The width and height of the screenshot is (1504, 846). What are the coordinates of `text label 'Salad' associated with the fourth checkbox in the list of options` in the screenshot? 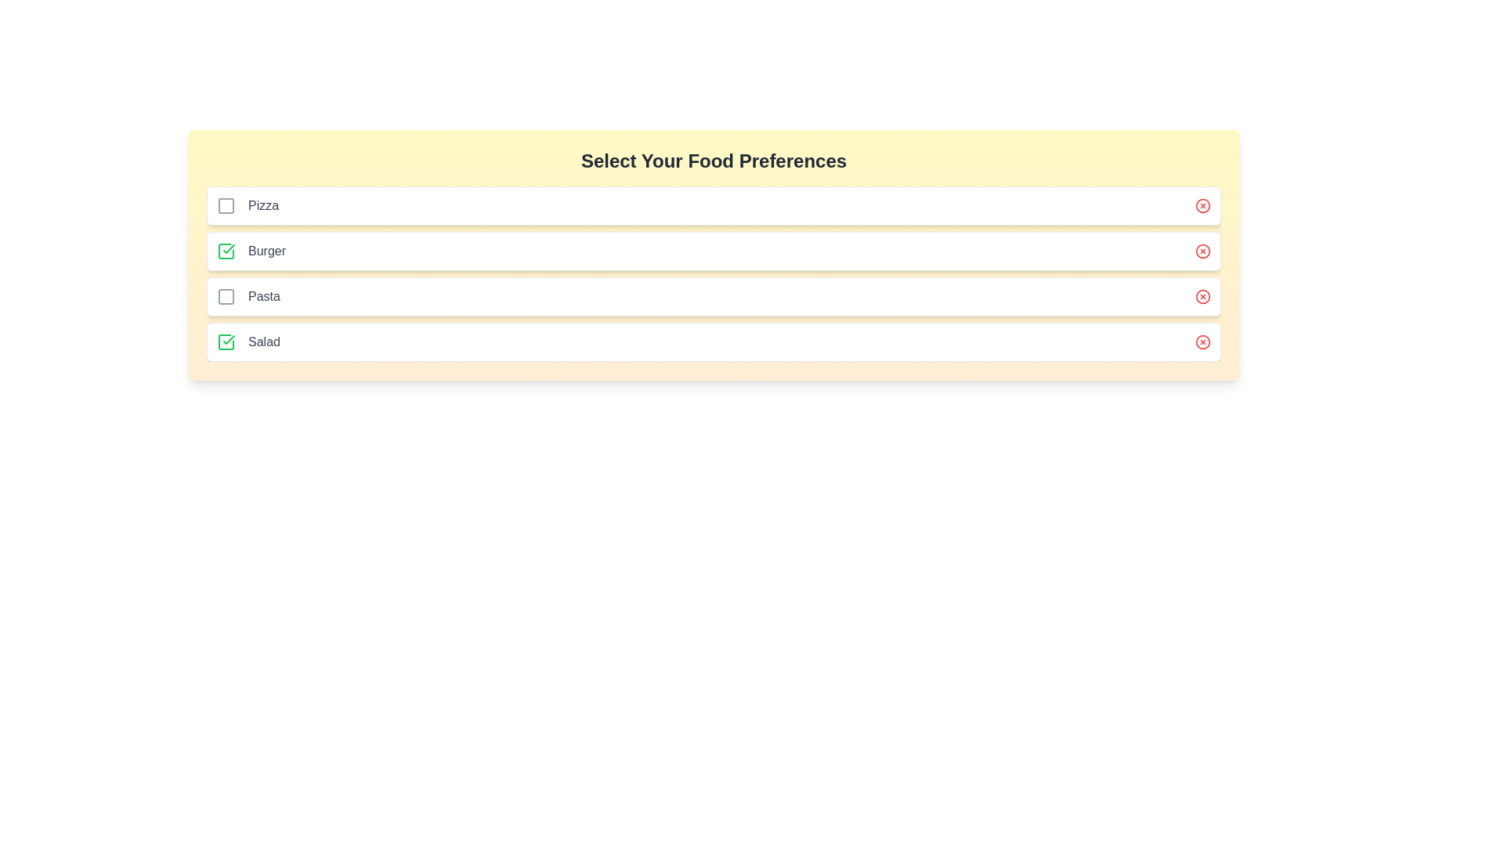 It's located at (248, 341).